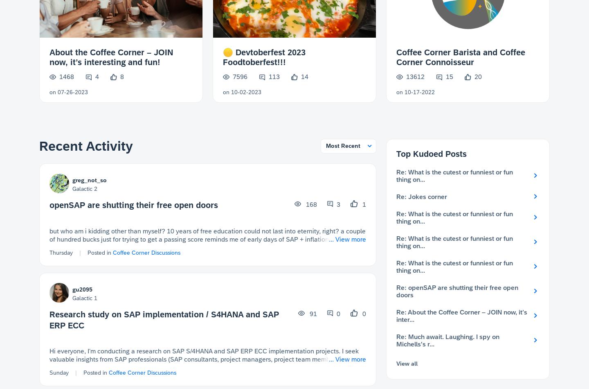  What do you see at coordinates (240, 76) in the screenshot?
I see `'7596'` at bounding box center [240, 76].